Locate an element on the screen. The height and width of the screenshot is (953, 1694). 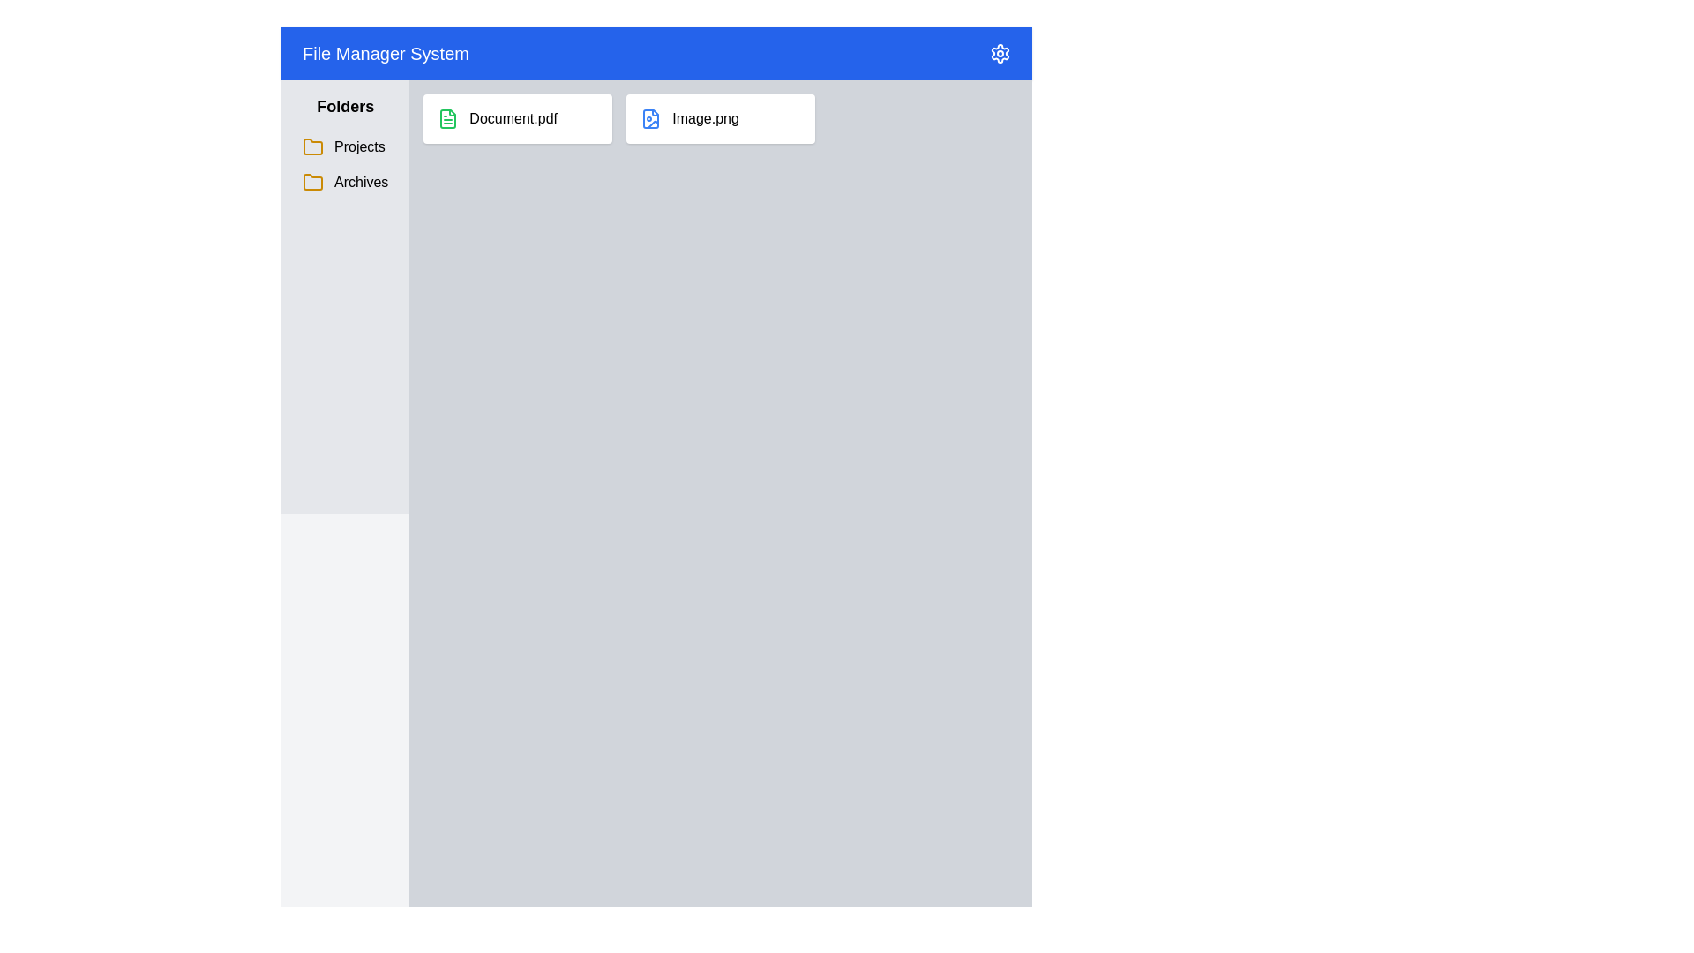
the 'Projects' folder icon located in the left navigation panel is located at coordinates (313, 146).